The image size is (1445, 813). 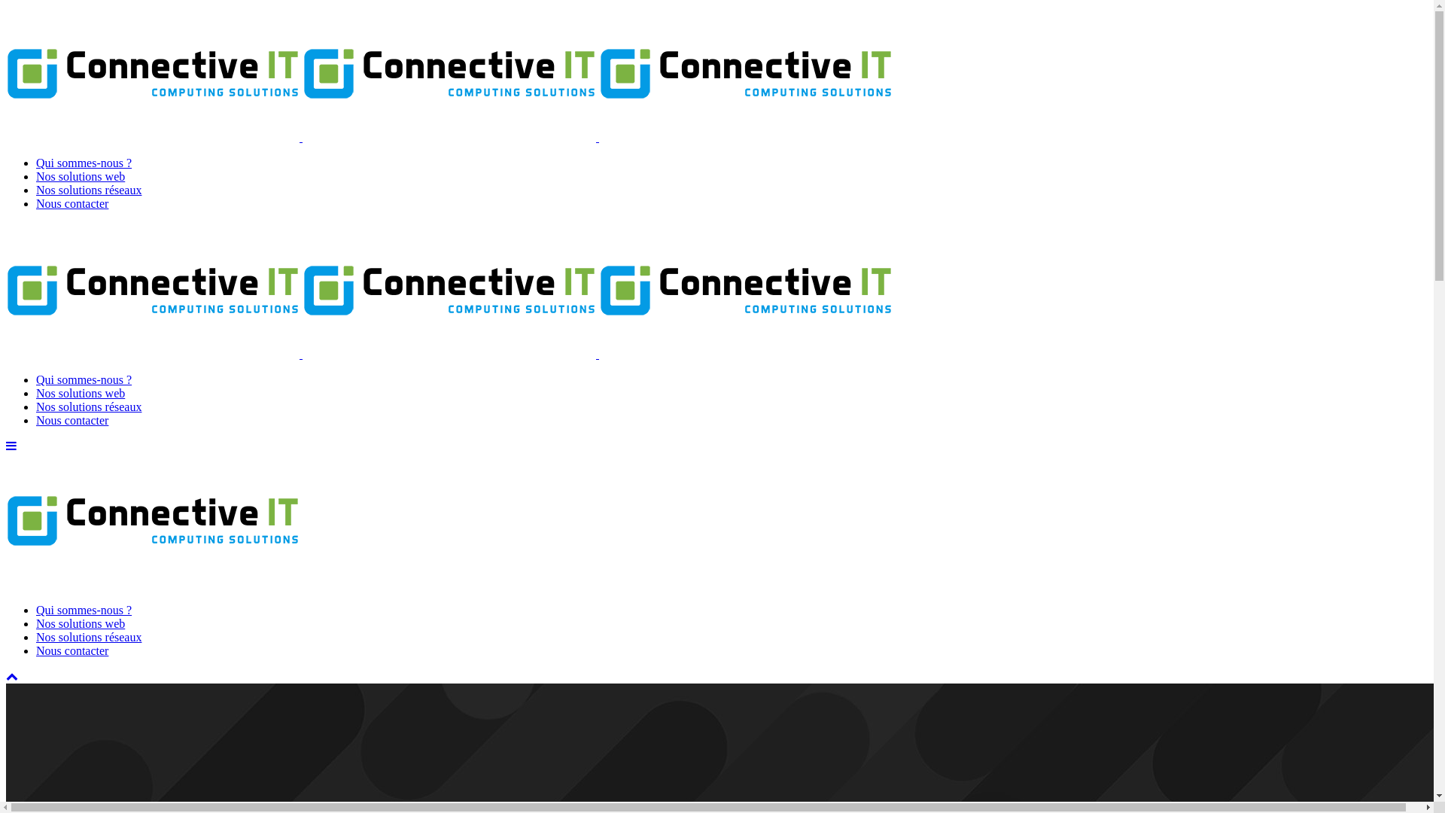 I want to click on 'Nos solutions web', so click(x=79, y=175).